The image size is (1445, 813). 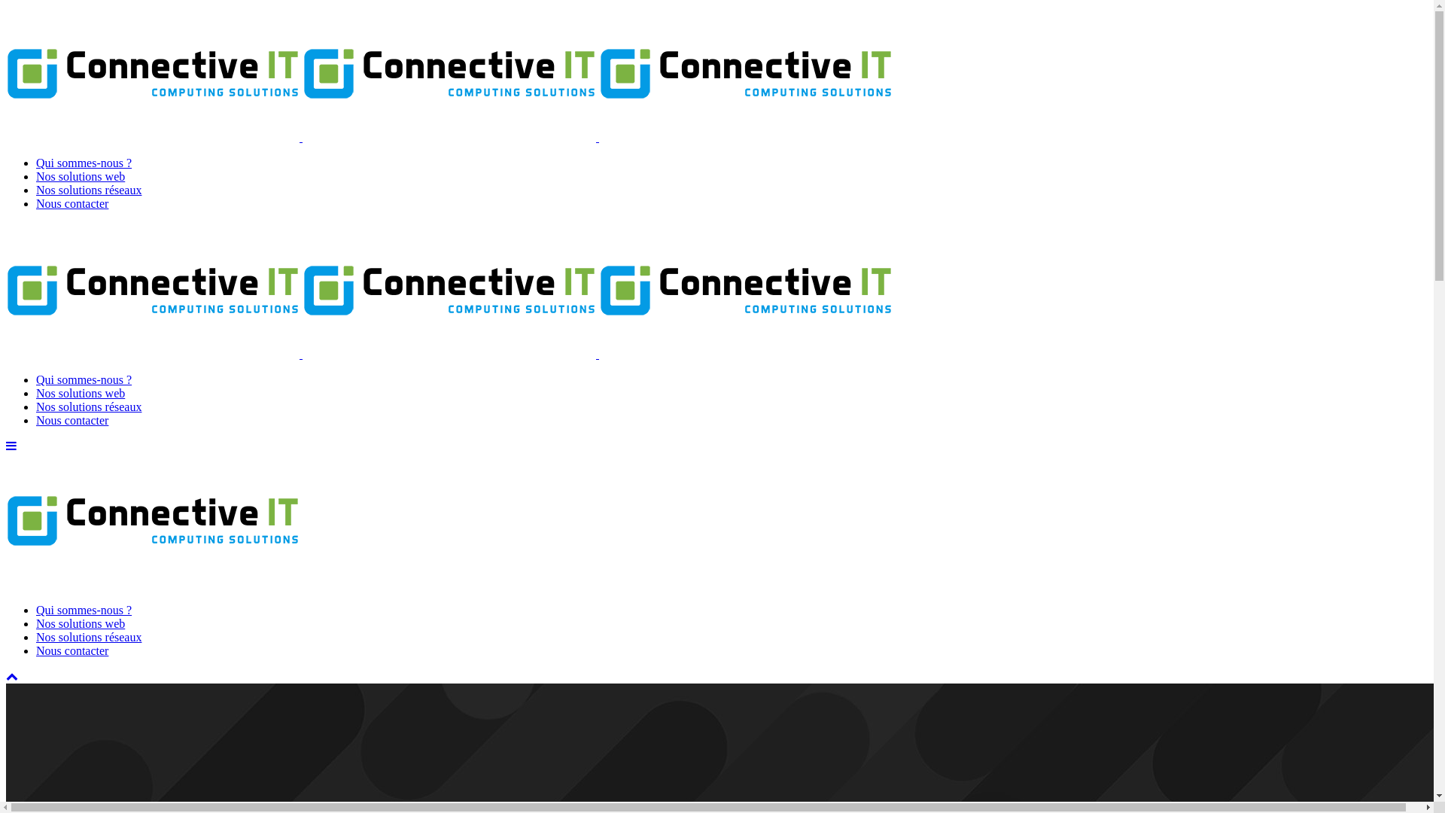 I want to click on 'Nos solutions web', so click(x=79, y=175).